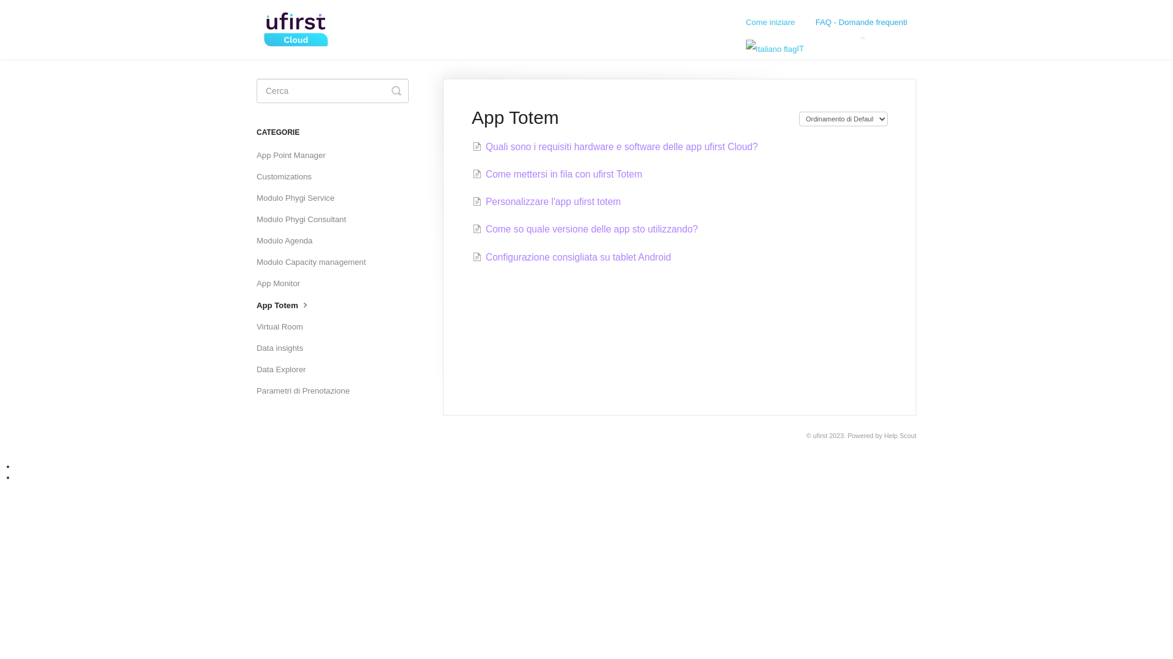  Describe the element at coordinates (392, 90) in the screenshot. I see `'Toggle Search'` at that location.